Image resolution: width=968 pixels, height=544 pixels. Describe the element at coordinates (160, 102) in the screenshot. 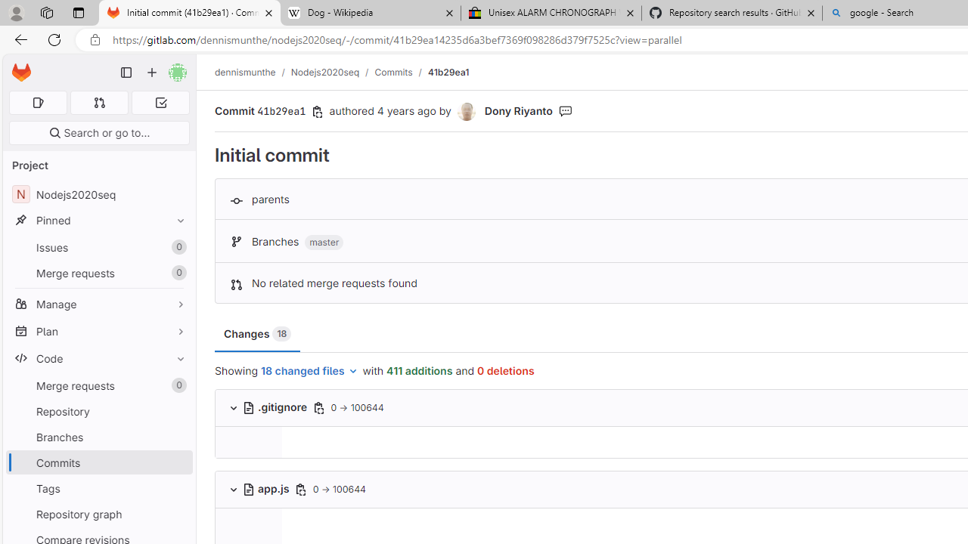

I see `'To-Do list 0'` at that location.